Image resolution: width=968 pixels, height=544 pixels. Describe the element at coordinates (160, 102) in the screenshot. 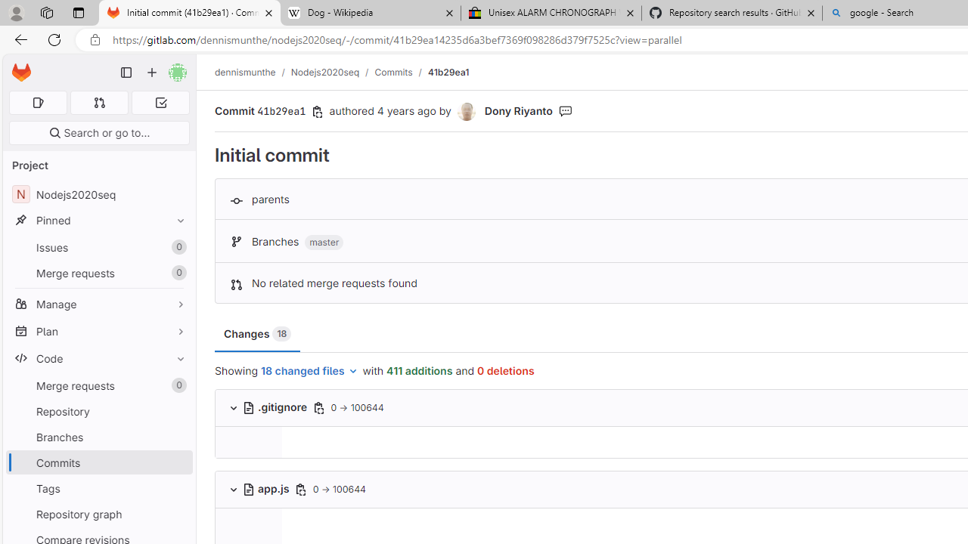

I see `'To-Do list 0'` at that location.